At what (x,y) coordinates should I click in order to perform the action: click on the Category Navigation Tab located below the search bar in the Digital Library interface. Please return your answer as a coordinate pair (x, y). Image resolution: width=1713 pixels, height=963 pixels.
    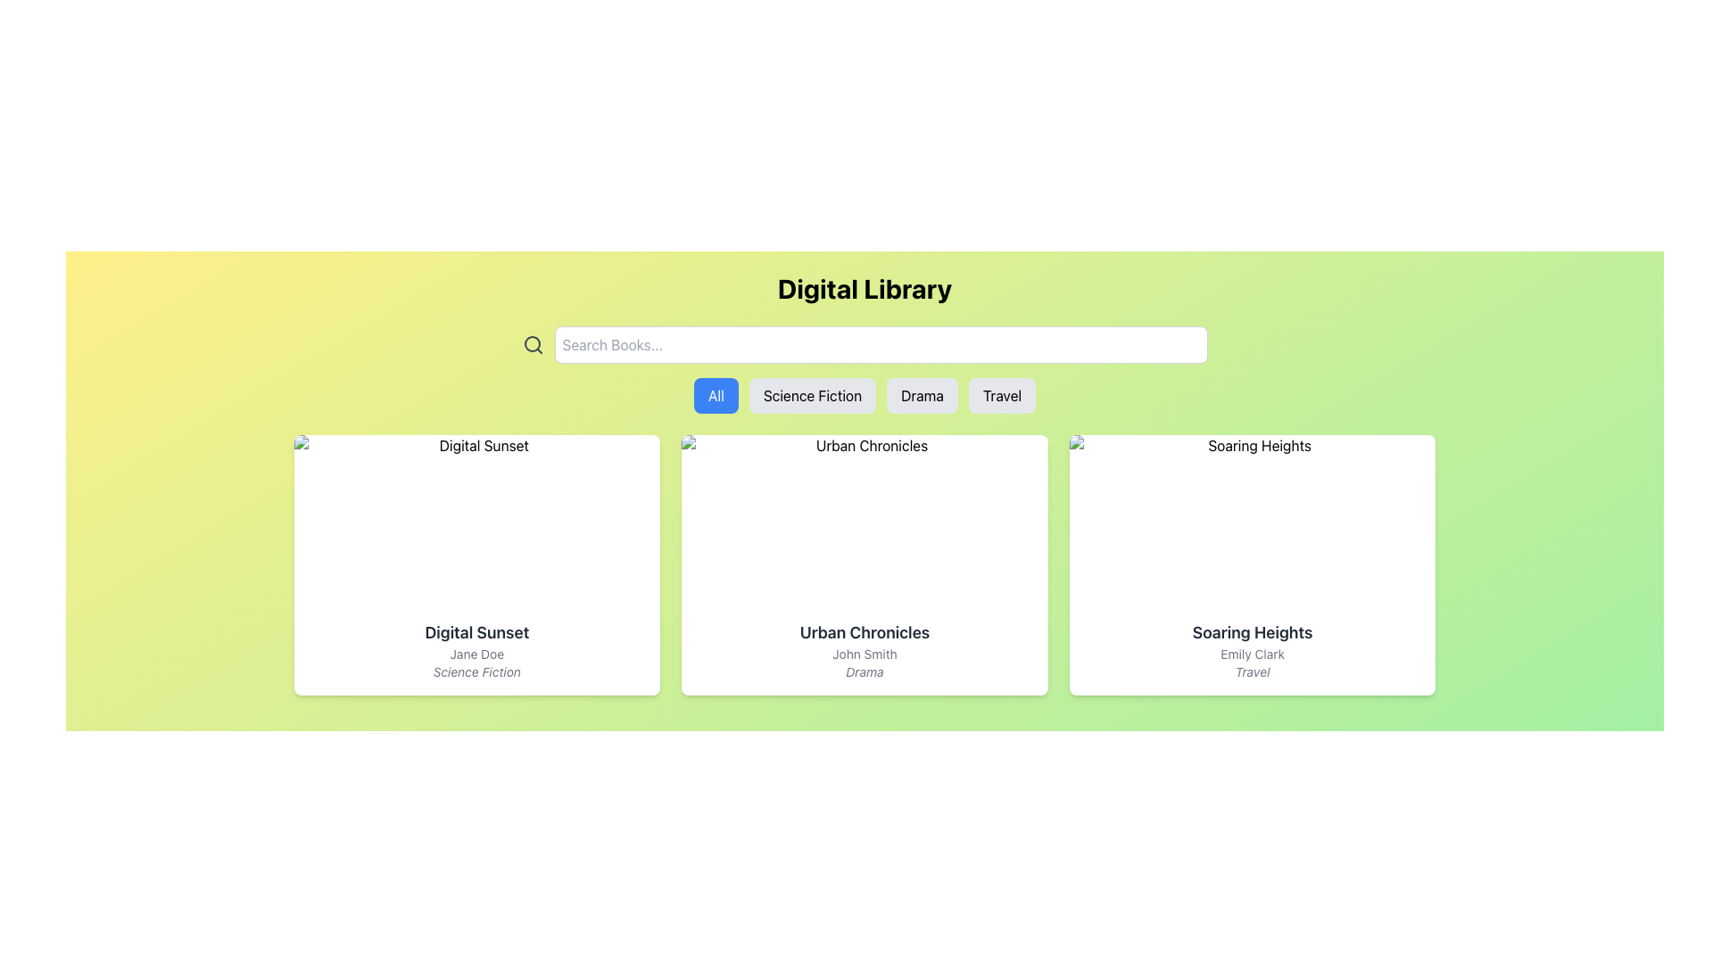
    Looking at the image, I should click on (865, 394).